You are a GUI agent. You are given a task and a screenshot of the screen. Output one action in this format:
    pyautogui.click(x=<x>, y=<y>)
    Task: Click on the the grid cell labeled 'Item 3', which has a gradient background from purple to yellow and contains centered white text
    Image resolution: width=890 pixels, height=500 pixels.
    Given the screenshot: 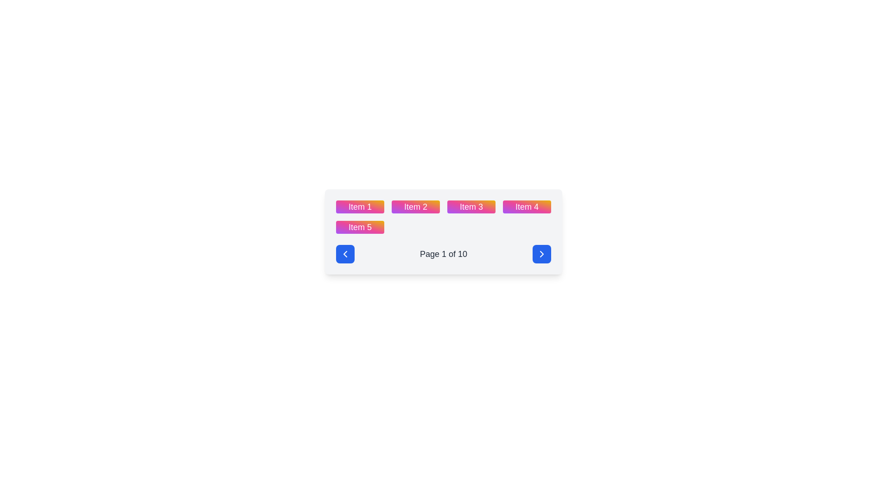 What is the action you would take?
    pyautogui.click(x=471, y=206)
    